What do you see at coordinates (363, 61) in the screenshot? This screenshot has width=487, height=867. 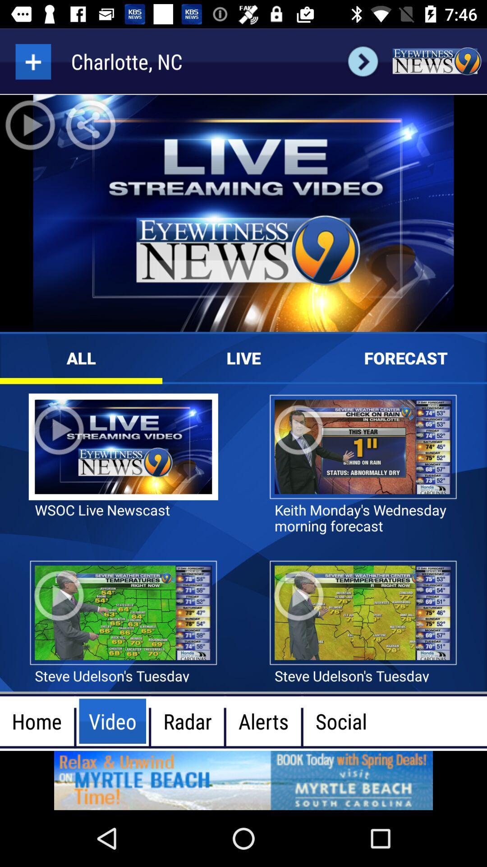 I see `next the page` at bounding box center [363, 61].